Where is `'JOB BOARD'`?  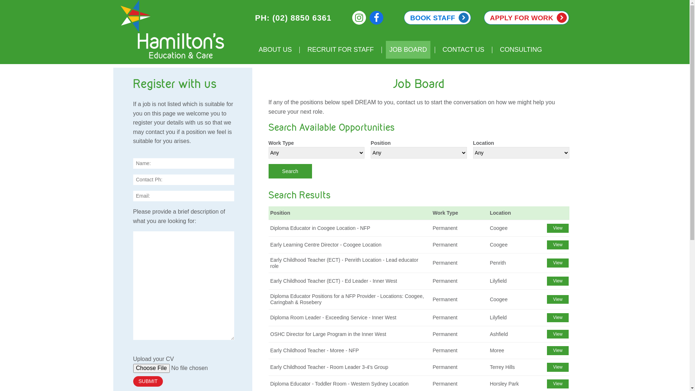 'JOB BOARD' is located at coordinates (408, 49).